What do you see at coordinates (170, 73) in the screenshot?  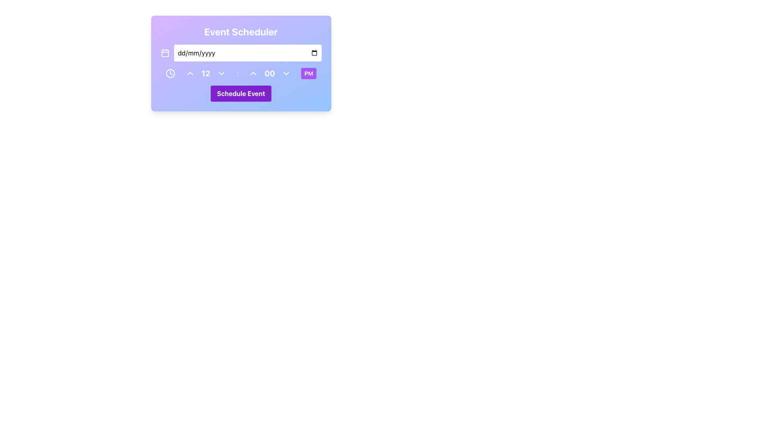 I see `the larger circular part of the clock icon in the Event Scheduler section, which has no fill and a stroke outline` at bounding box center [170, 73].